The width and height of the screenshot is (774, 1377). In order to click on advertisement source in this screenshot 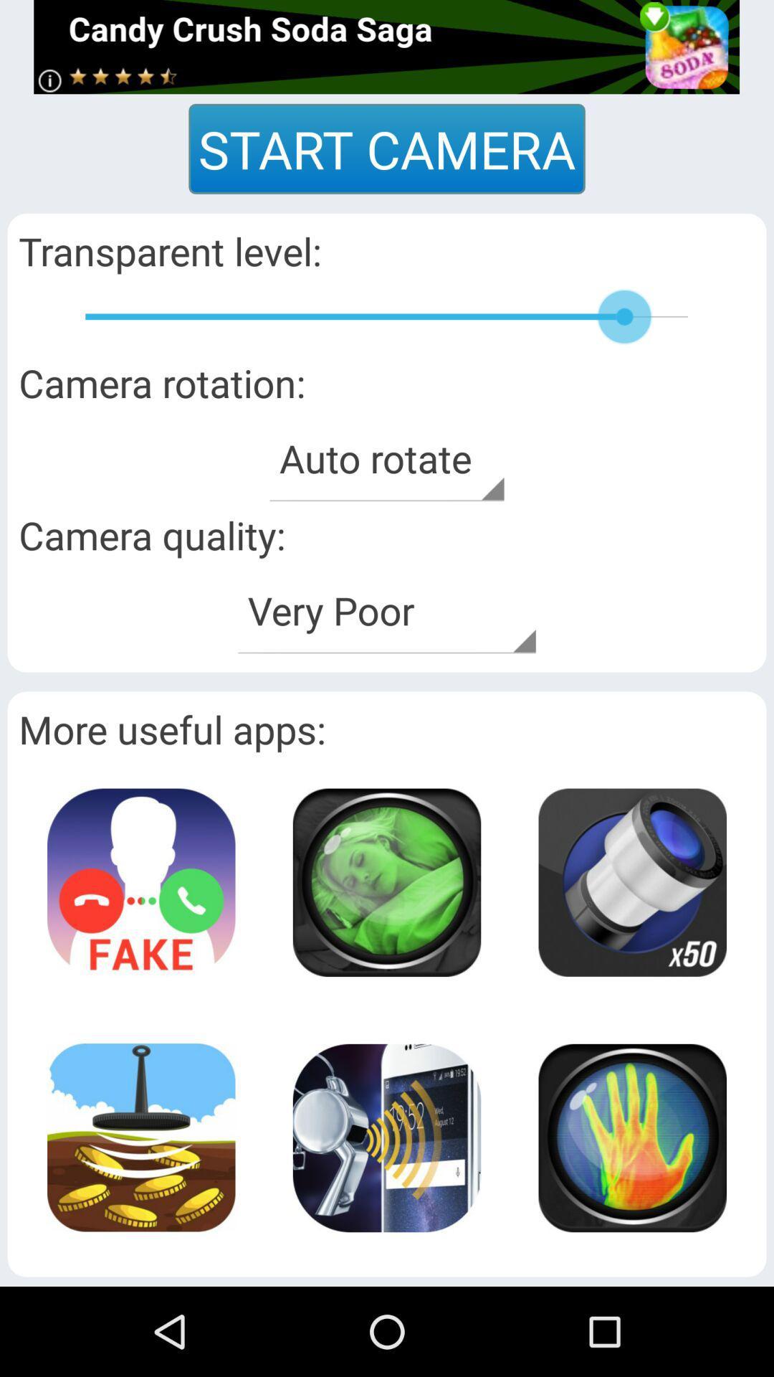, I will do `click(386, 47)`.